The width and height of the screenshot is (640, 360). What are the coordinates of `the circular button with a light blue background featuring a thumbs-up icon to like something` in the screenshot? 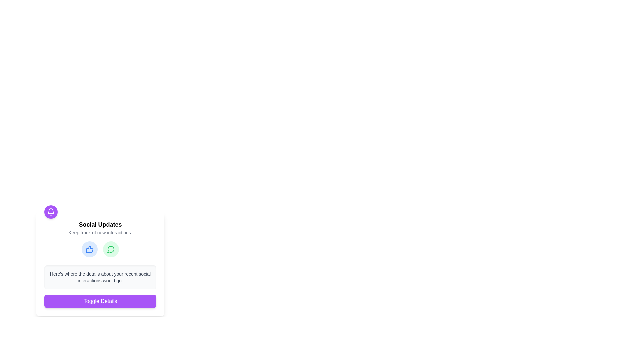 It's located at (89, 249).